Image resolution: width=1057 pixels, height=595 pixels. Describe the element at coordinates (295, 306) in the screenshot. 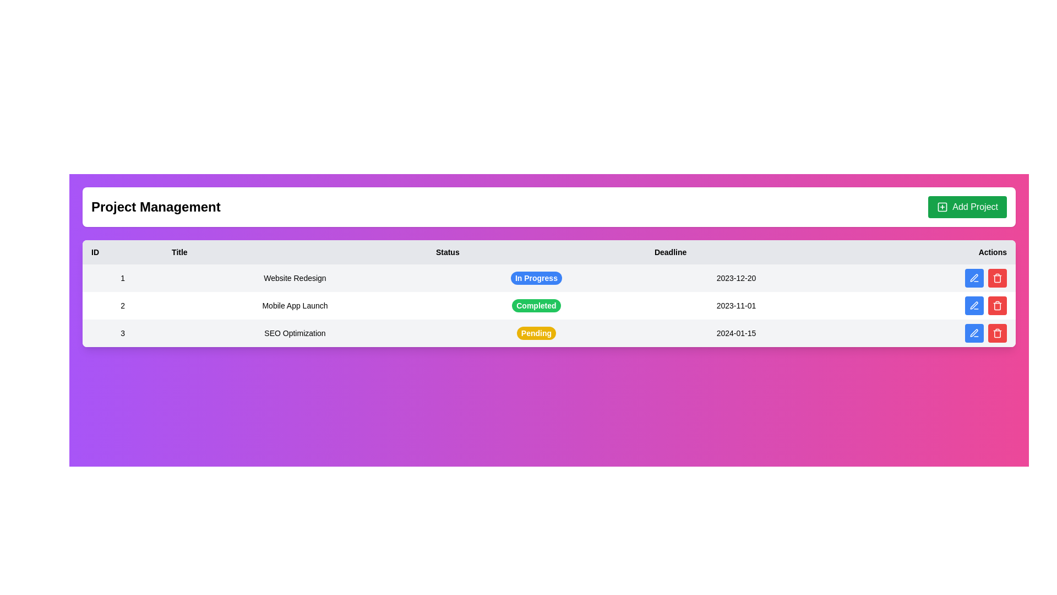

I see `text content of the label displaying 'Mobile App Launch' located in the 'Title' column of the second row, positioned between the 'ID' column with value '2' and the 'Status' column showing 'Completed'` at that location.